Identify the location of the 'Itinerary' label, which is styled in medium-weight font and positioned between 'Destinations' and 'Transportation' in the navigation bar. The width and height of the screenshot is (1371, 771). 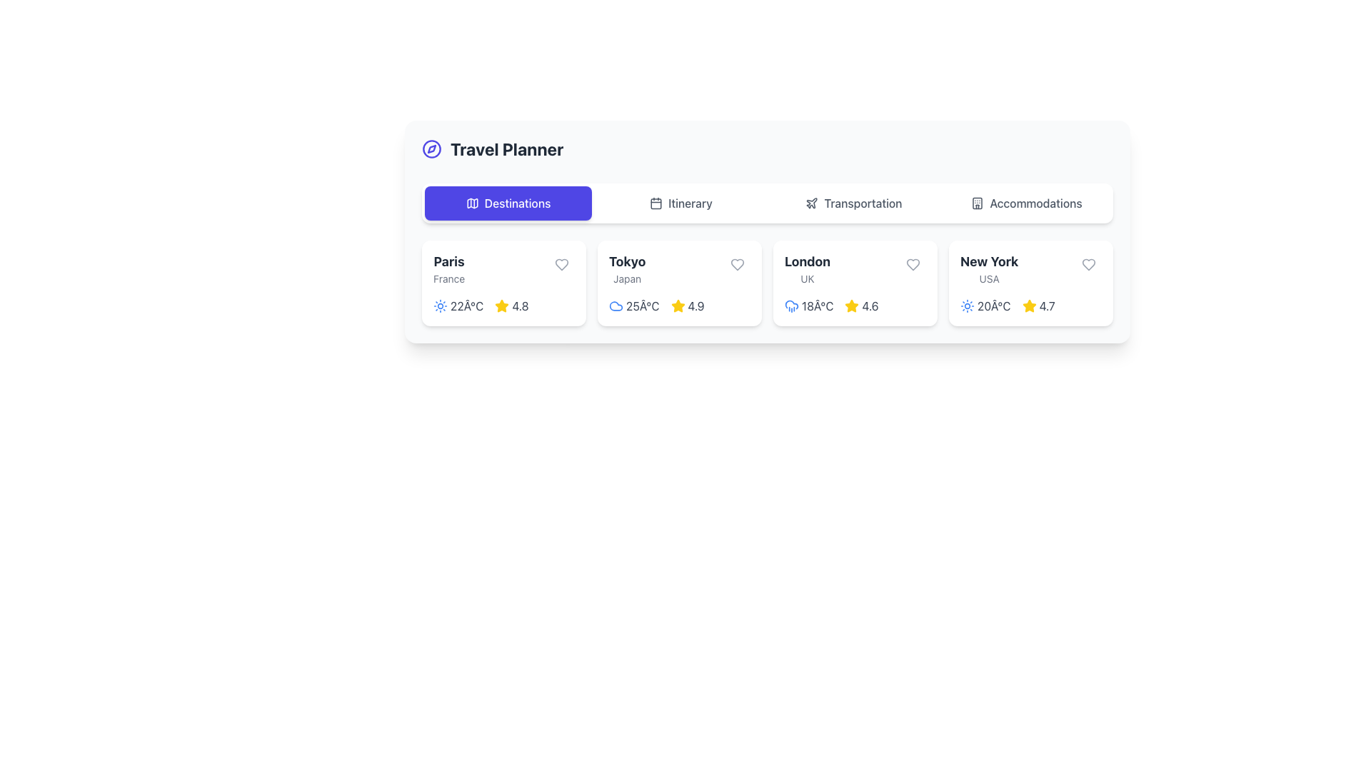
(690, 203).